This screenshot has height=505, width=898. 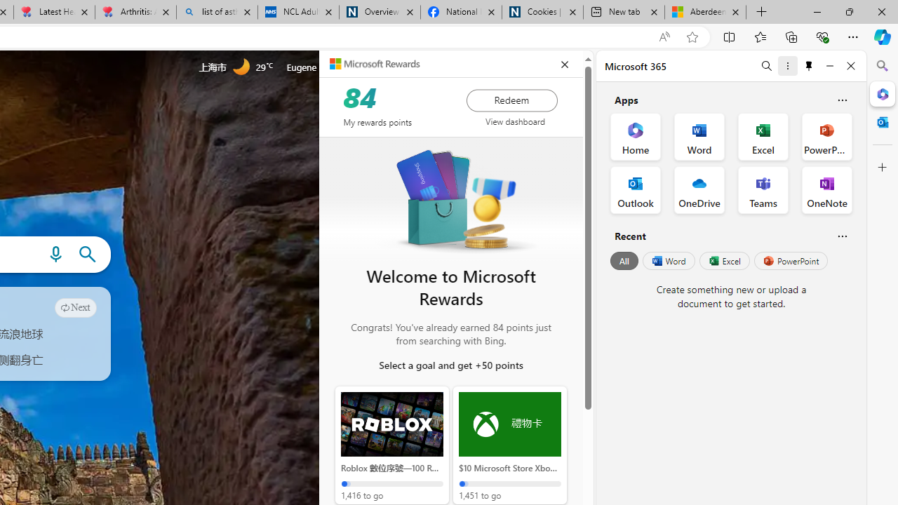 What do you see at coordinates (542, 12) in the screenshot?
I see `'Cookies | About | NICE'` at bounding box center [542, 12].